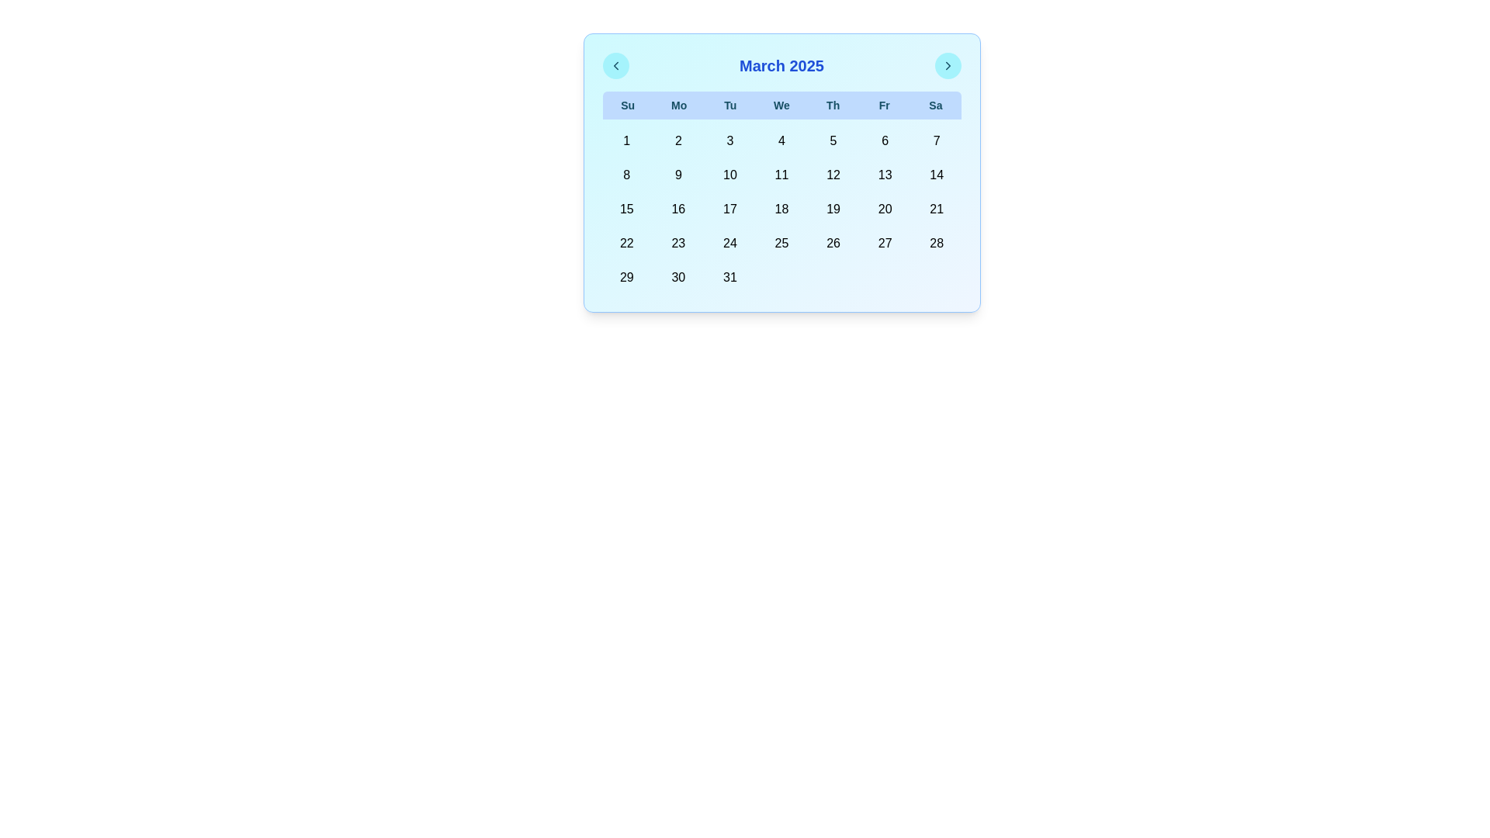  Describe the element at coordinates (626, 243) in the screenshot. I see `the rectangular button labeled '22' in the fourth row and first column of the March 2025 calendar grid` at that location.